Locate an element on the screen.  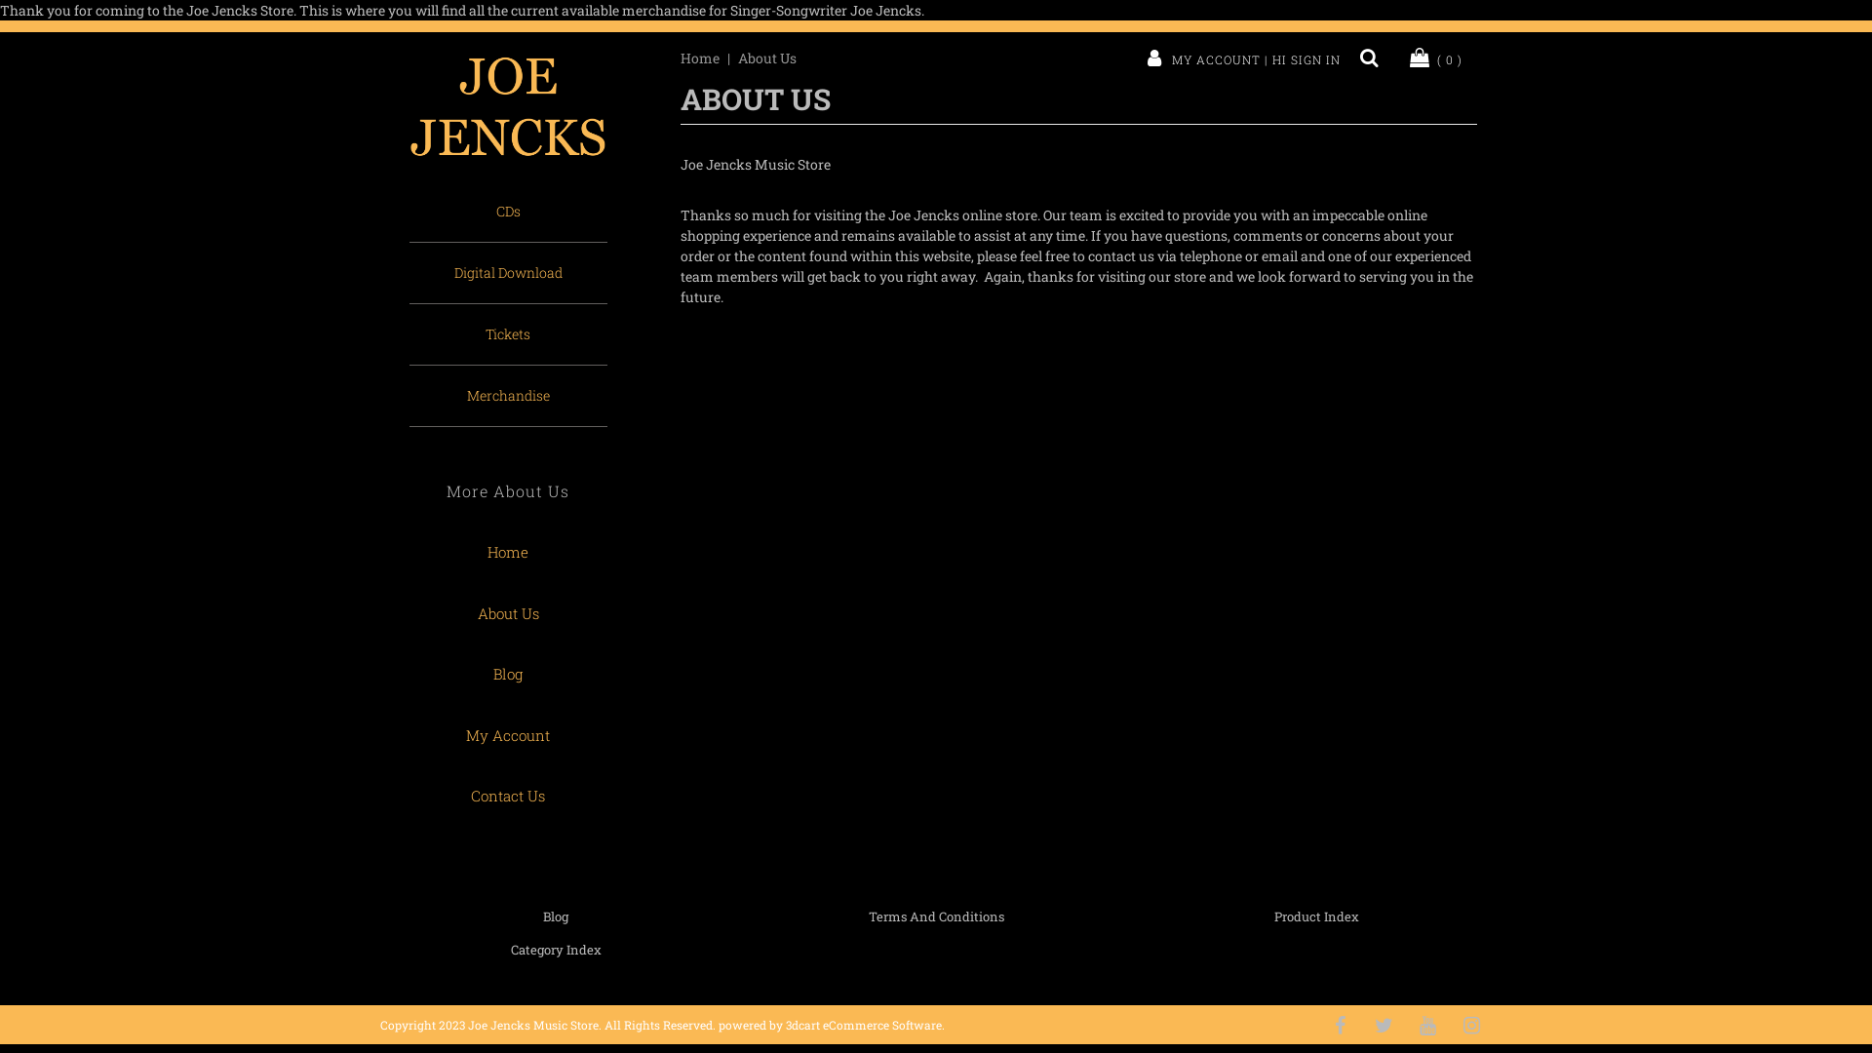
'Blog' is located at coordinates (409, 673).